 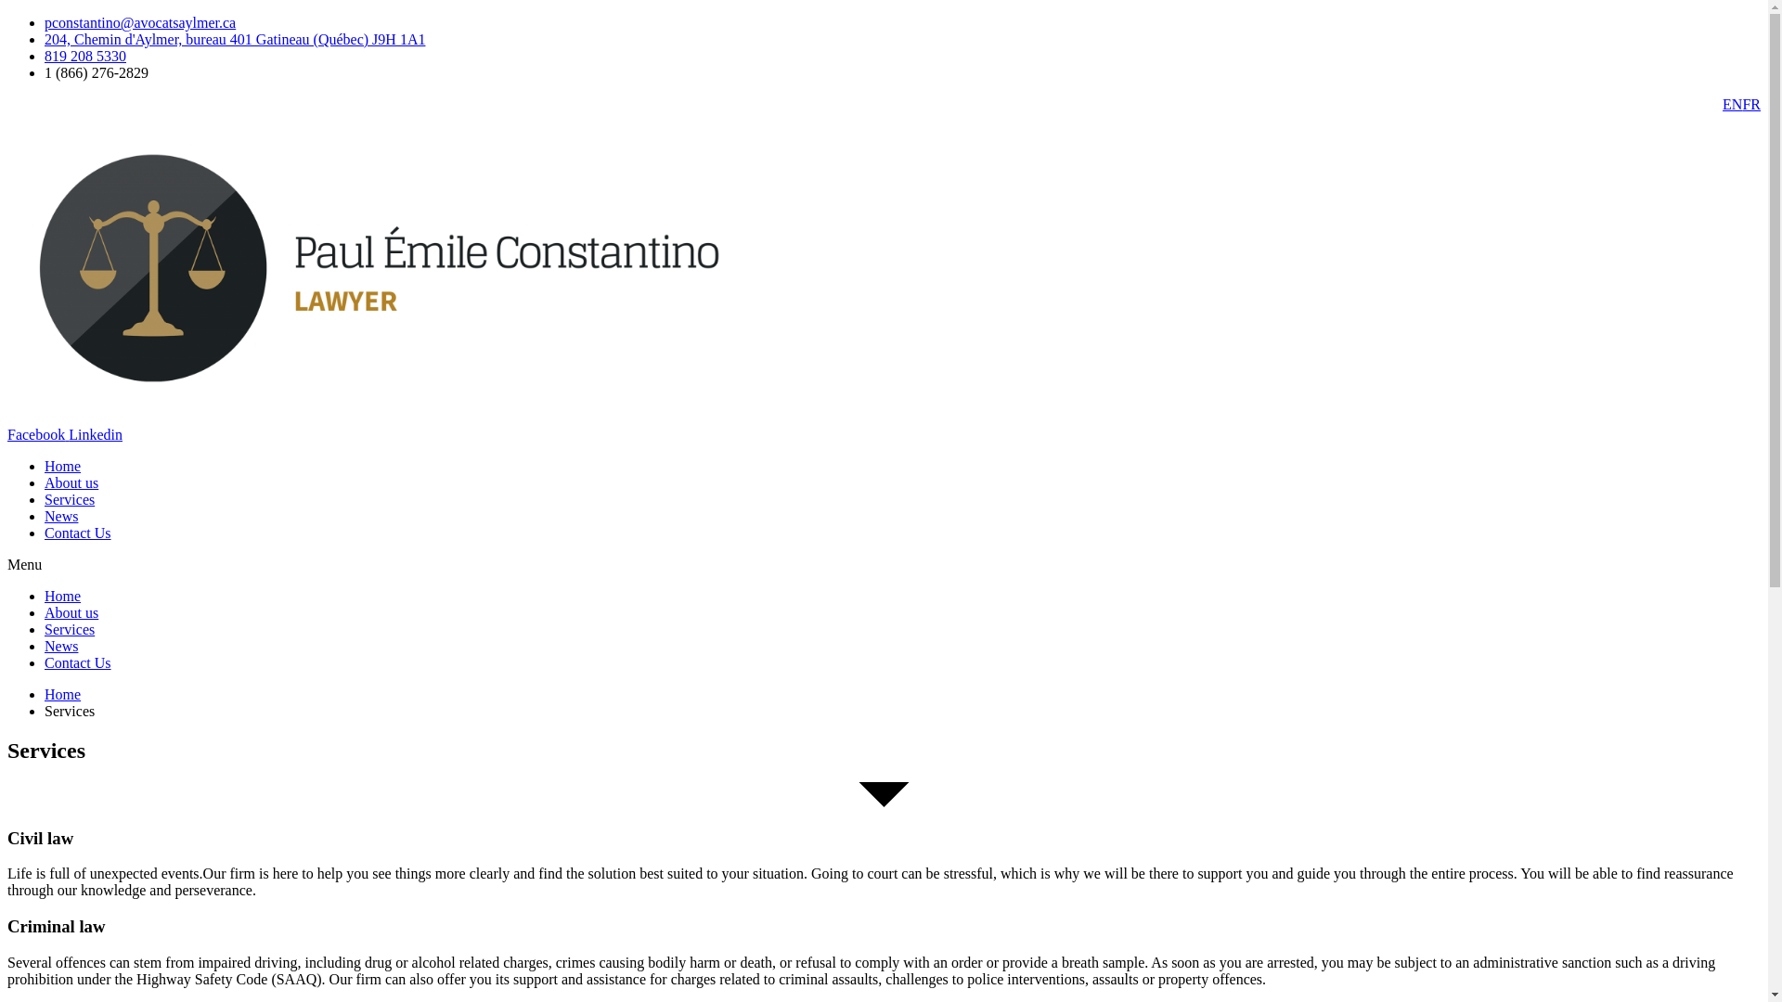 What do you see at coordinates (62, 694) in the screenshot?
I see `'Home'` at bounding box center [62, 694].